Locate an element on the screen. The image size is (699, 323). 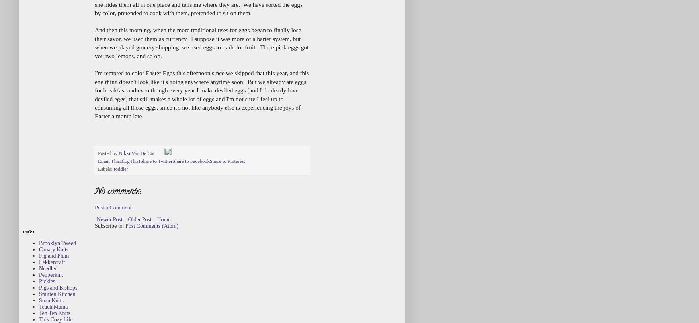
'This Cozy Life' is located at coordinates (55, 319).